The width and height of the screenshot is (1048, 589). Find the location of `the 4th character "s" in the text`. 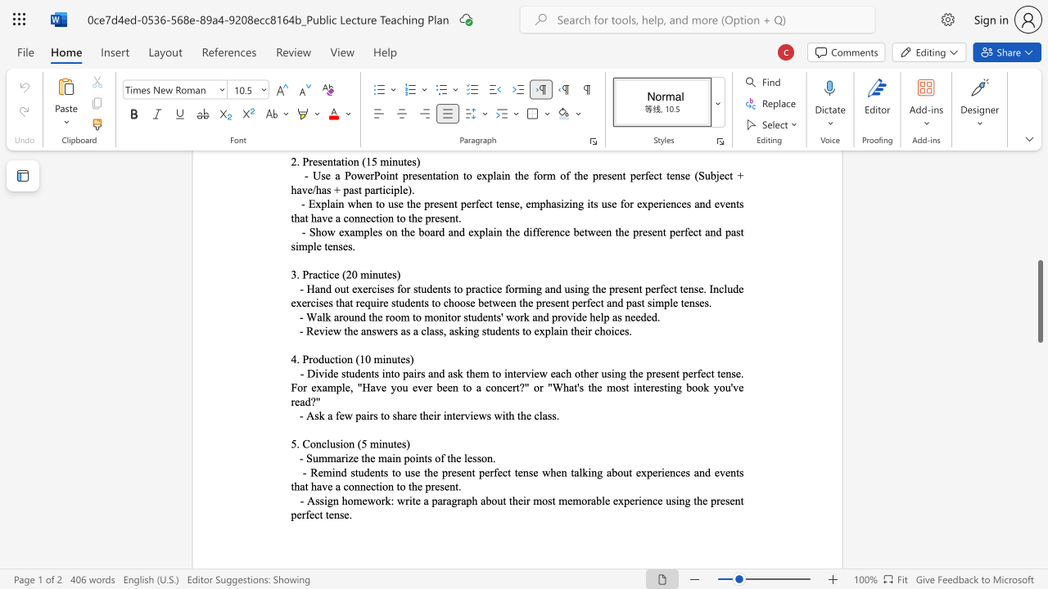

the 4th character "s" in the text is located at coordinates (673, 500).